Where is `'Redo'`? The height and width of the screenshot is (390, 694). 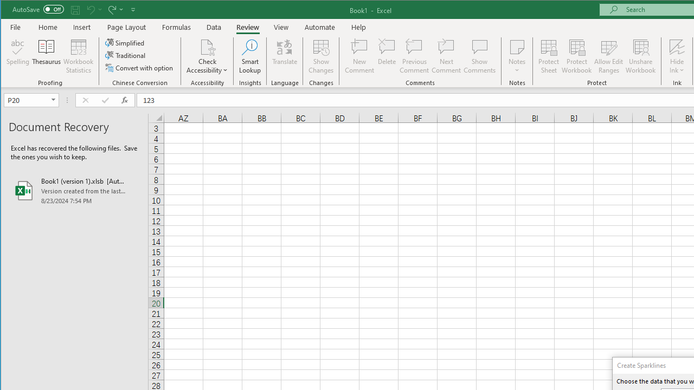 'Redo' is located at coordinates (114, 9).